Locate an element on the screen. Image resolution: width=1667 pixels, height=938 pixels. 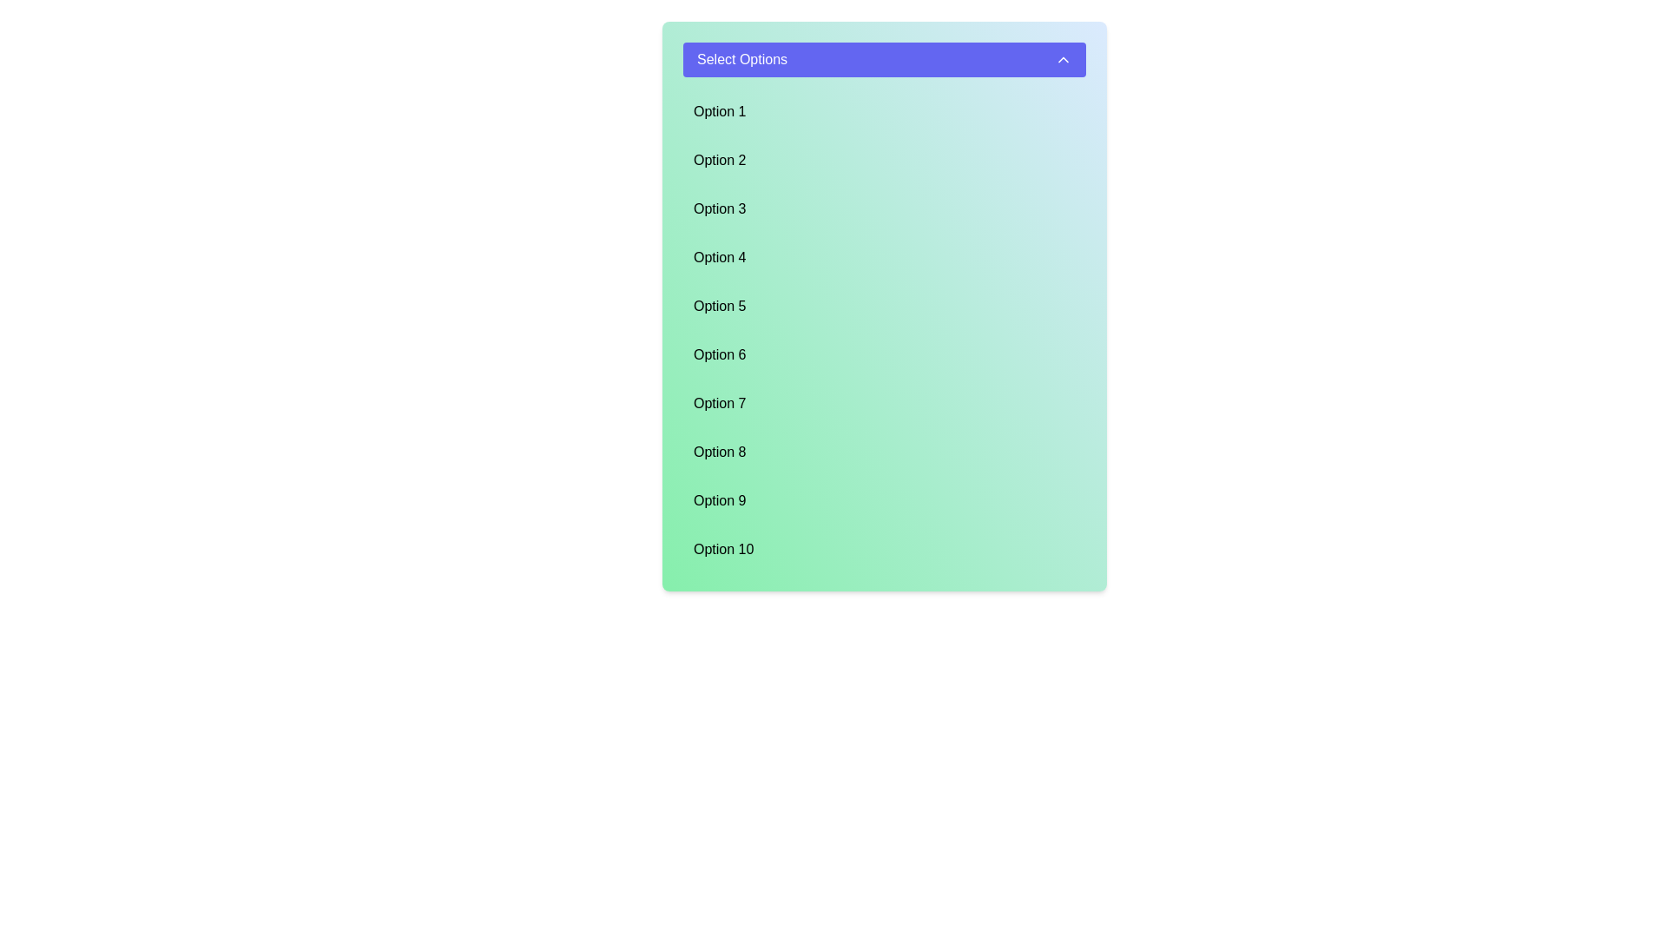
the selectable option 'Option 3' in the dropdown menu is located at coordinates (720, 208).